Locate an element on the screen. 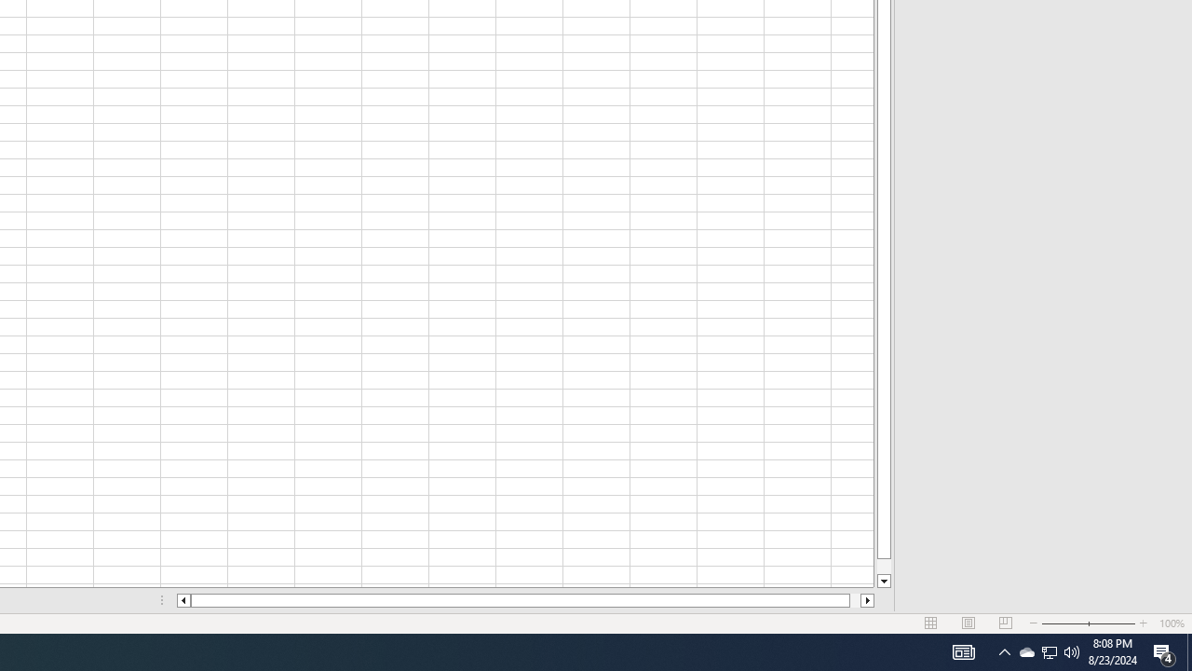  'Class: NetUIScrollBar' is located at coordinates (524, 600).